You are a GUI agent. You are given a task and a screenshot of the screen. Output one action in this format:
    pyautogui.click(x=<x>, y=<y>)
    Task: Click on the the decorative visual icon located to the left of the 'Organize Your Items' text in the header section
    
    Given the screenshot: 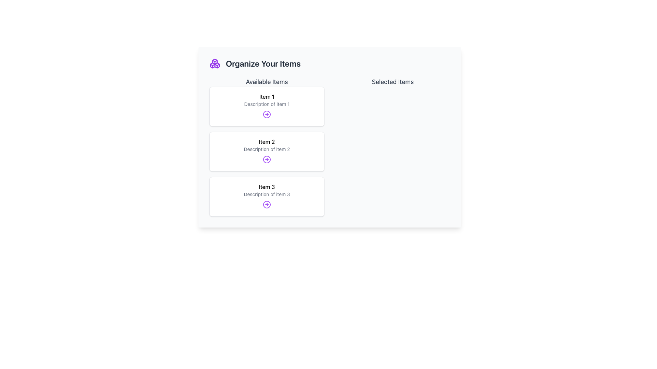 What is the action you would take?
    pyautogui.click(x=215, y=63)
    